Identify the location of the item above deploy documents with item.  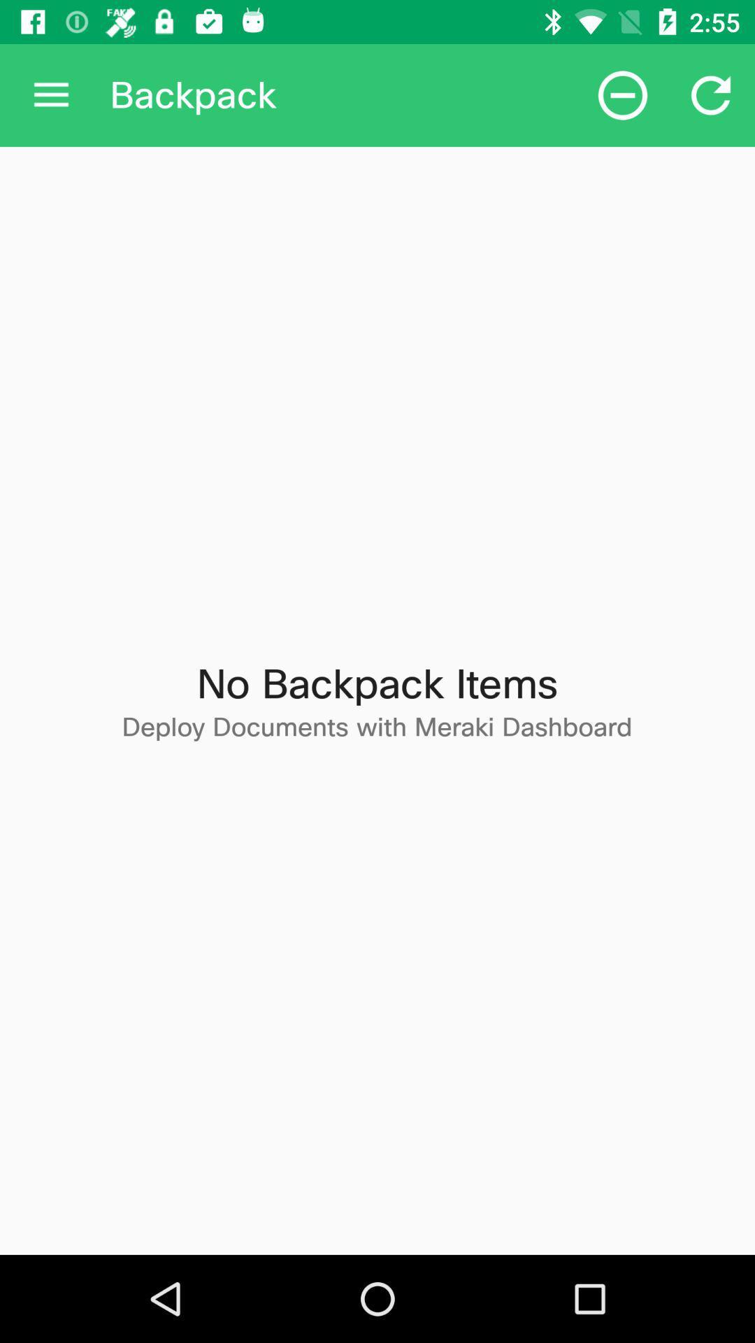
(622, 94).